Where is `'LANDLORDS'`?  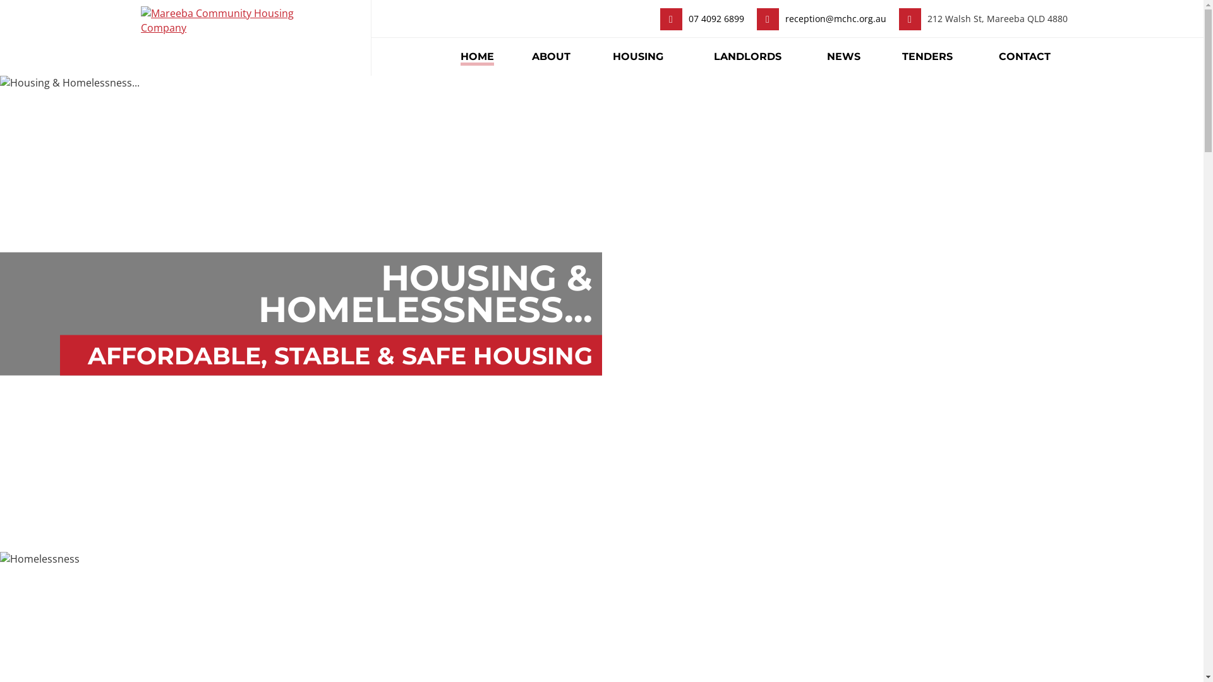 'LANDLORDS' is located at coordinates (748, 56).